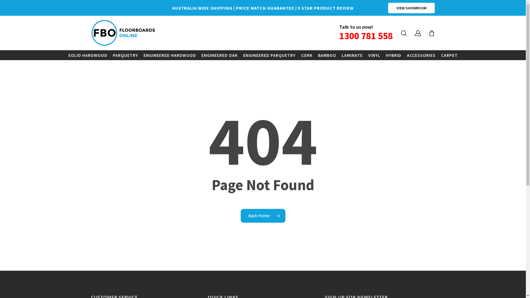 This screenshot has height=298, width=530. Describe the element at coordinates (411, 8) in the screenshot. I see `'VIEW SHOWROOM'` at that location.